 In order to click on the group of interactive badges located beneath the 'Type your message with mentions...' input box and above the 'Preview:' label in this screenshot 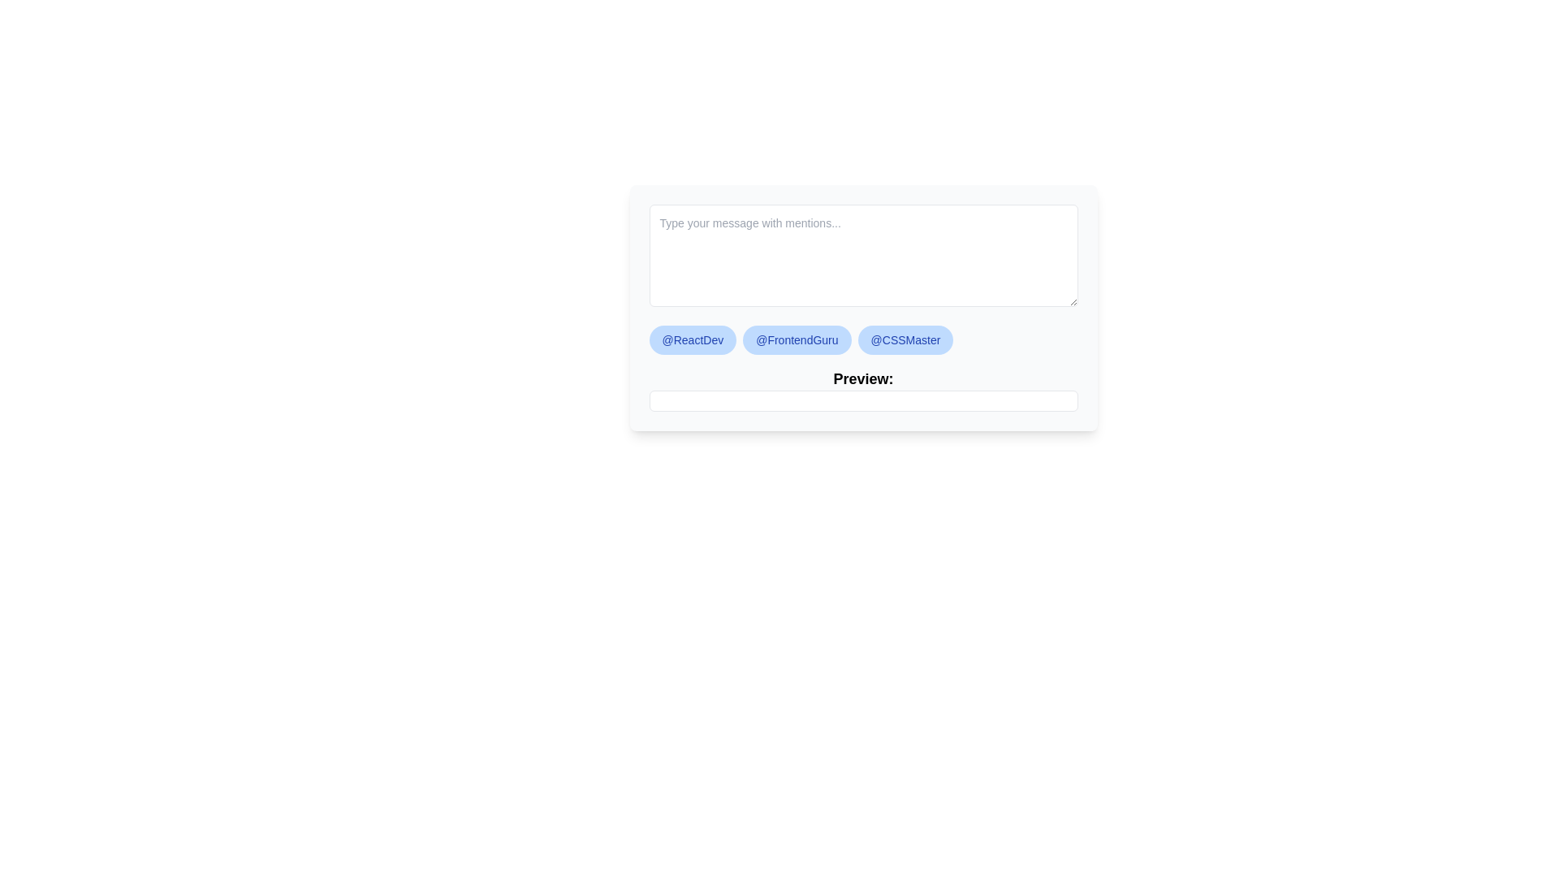, I will do `click(862, 339)`.